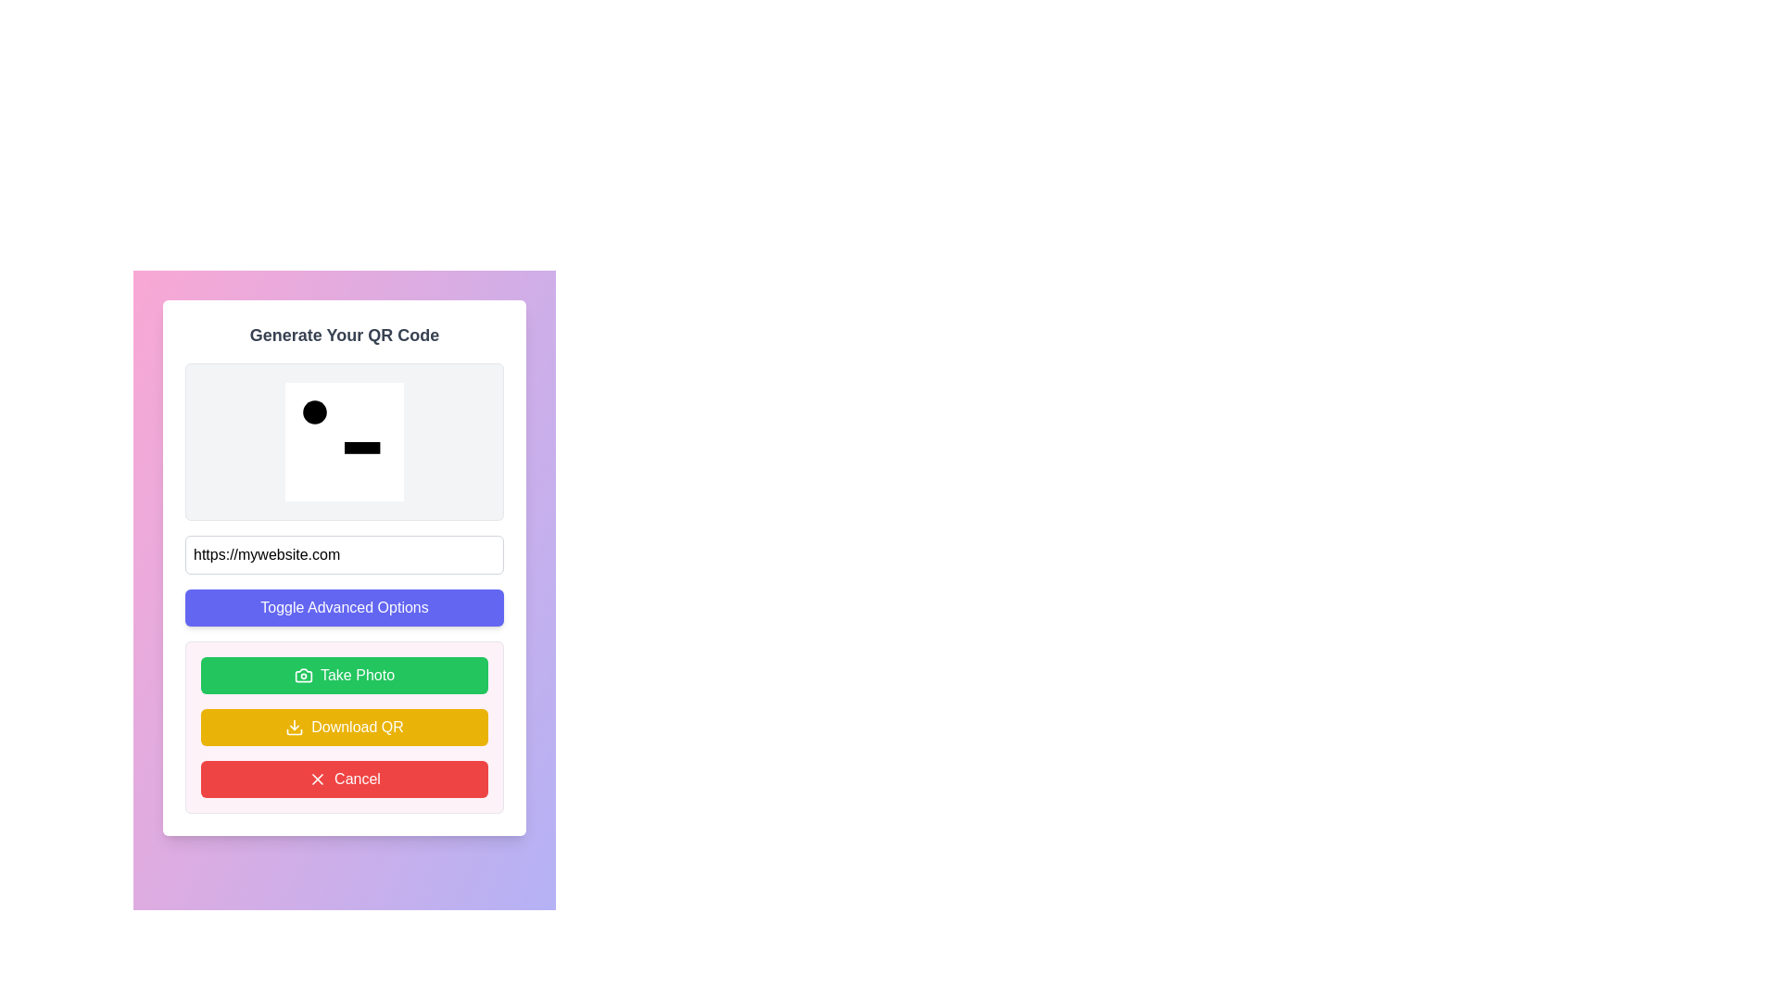  What do you see at coordinates (303, 676) in the screenshot?
I see `the camera icon located near the bottom section of the interface` at bounding box center [303, 676].